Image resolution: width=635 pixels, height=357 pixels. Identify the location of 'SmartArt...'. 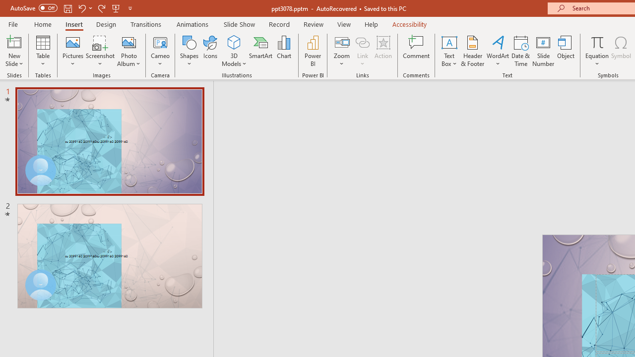
(261, 51).